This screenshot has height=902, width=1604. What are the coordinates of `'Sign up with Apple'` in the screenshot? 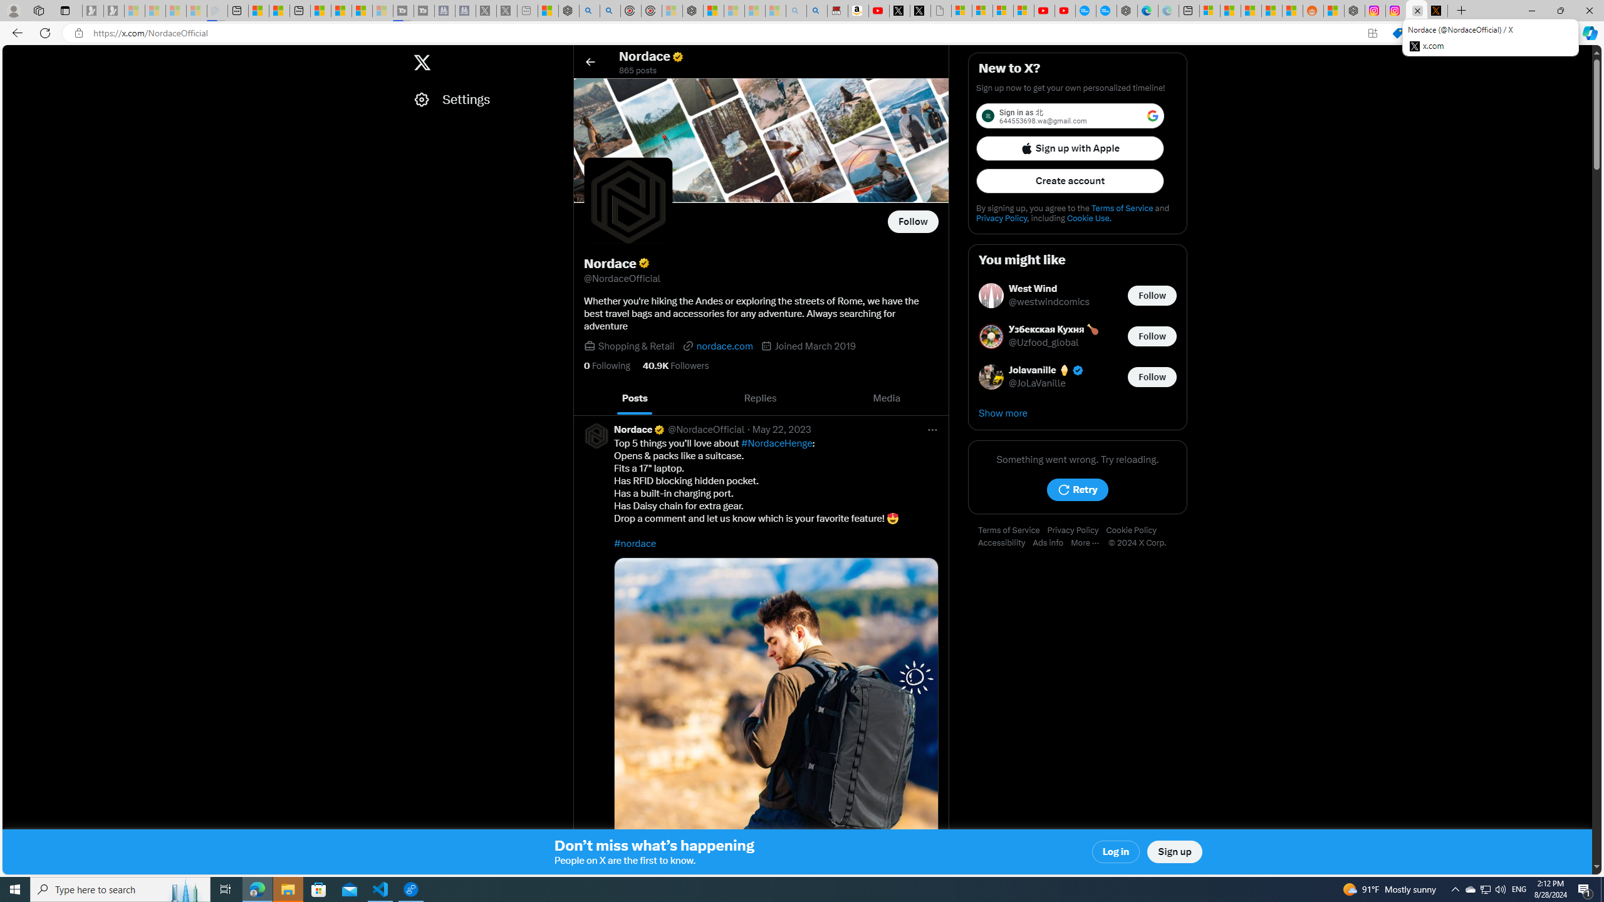 It's located at (1070, 147).